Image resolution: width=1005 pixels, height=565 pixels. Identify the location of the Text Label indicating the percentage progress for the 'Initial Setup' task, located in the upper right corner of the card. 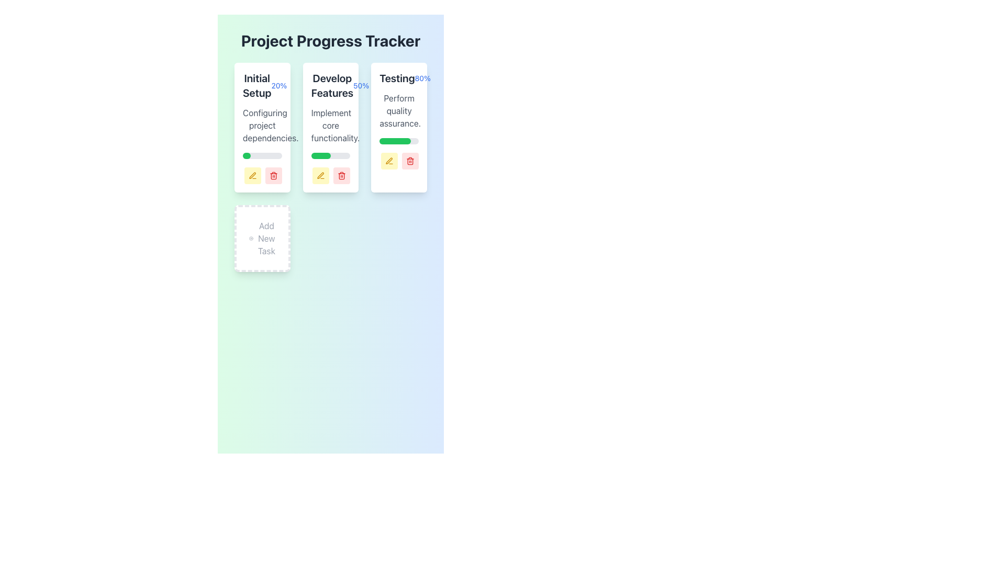
(279, 85).